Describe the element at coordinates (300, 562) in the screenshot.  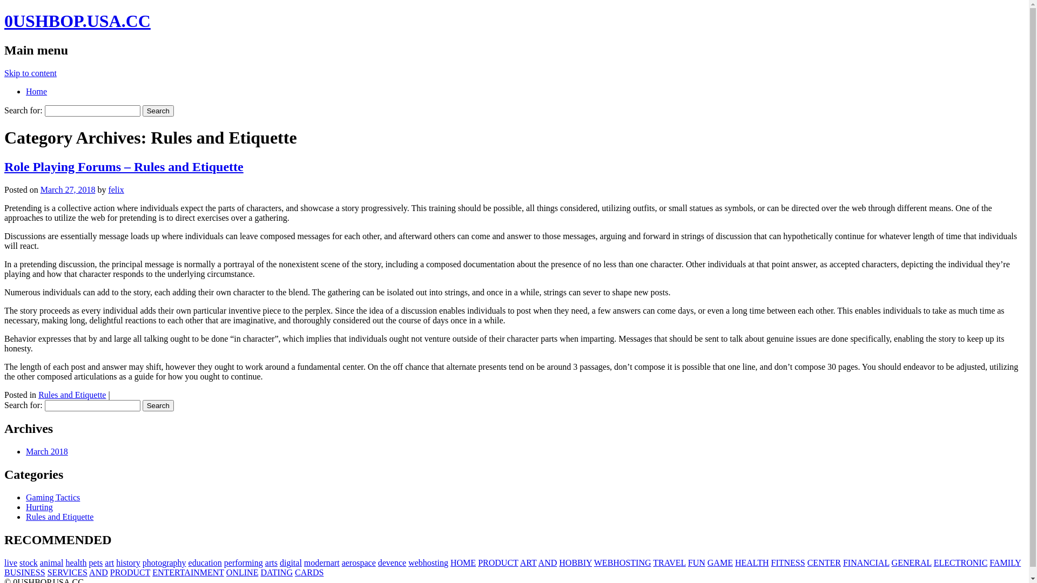
I see `'l'` at that location.